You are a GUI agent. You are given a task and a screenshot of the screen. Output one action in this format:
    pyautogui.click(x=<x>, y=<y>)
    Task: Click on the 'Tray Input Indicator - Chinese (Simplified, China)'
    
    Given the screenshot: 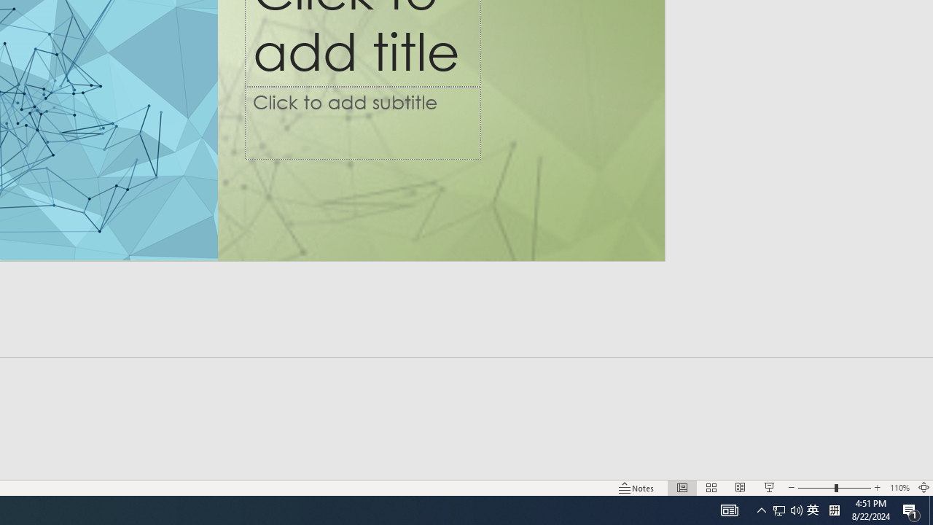 What is the action you would take?
    pyautogui.click(x=834, y=509)
    